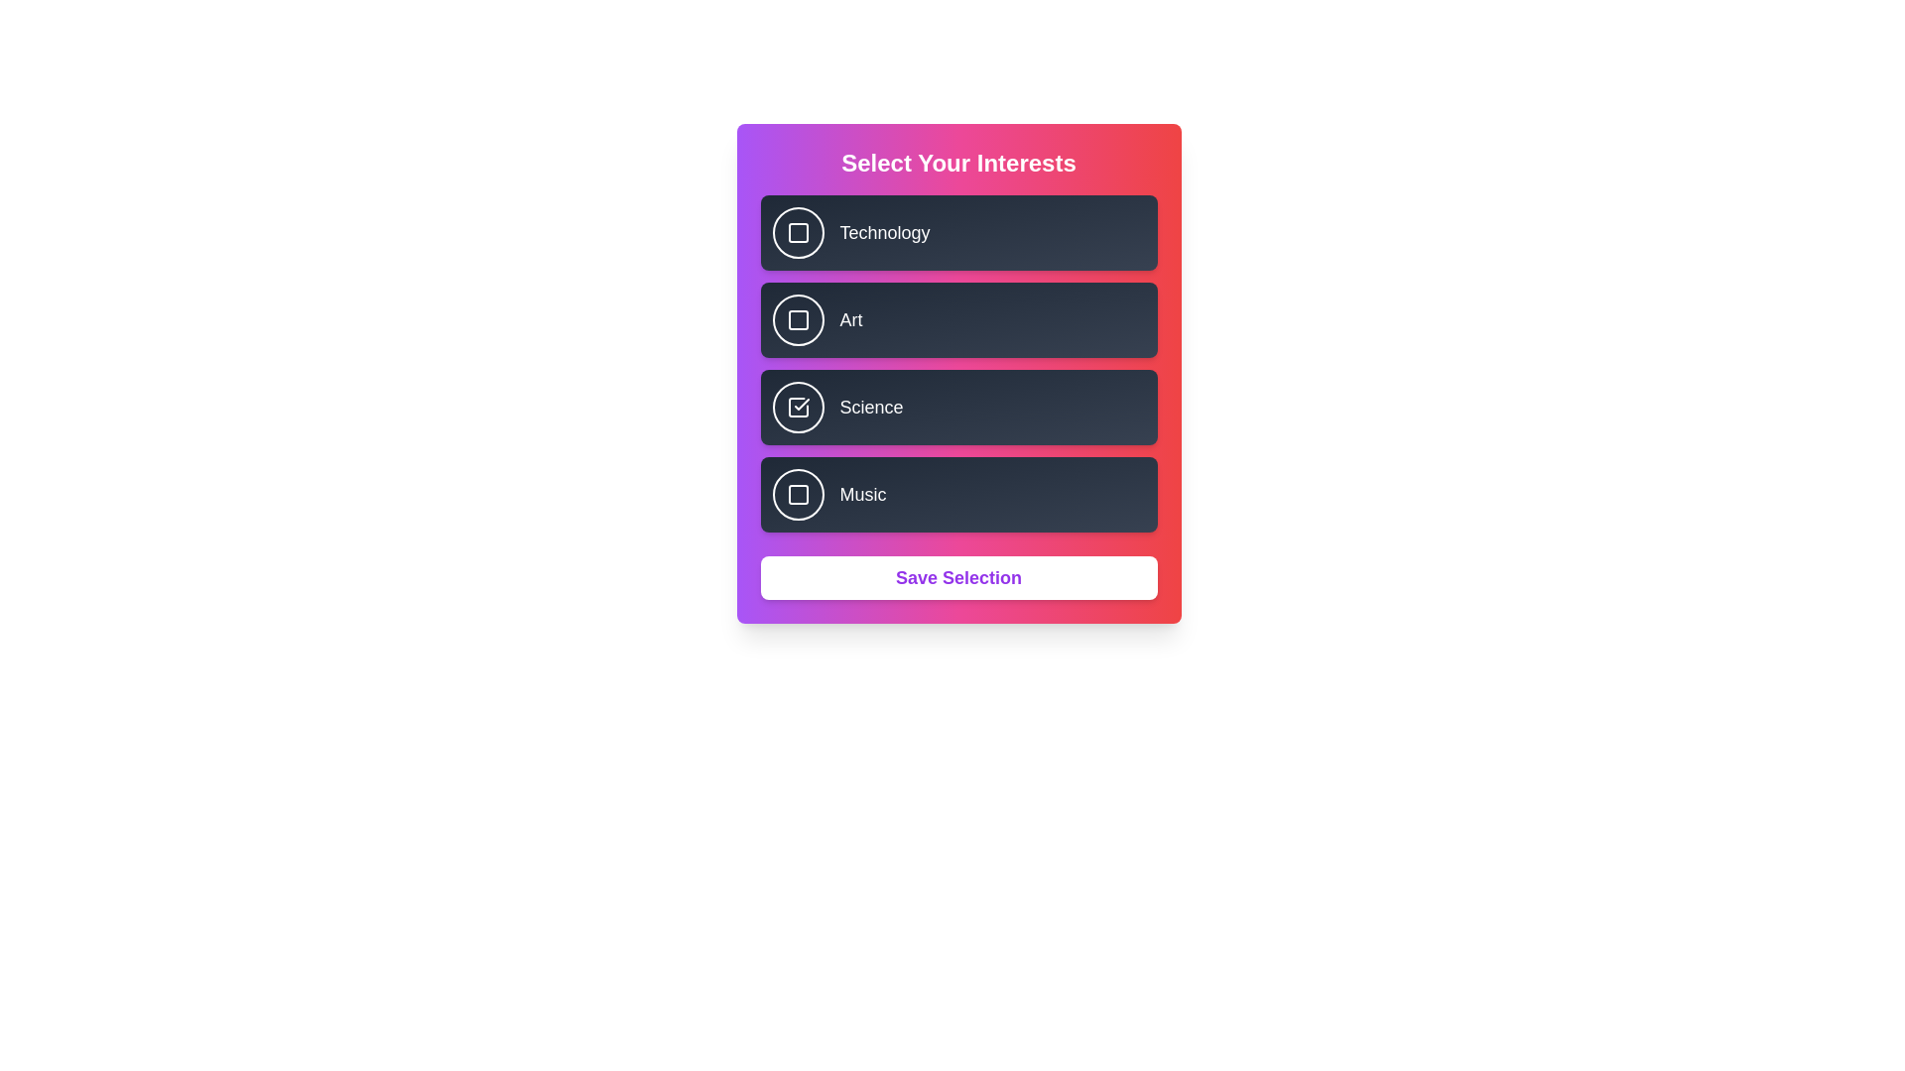  What do you see at coordinates (798, 493) in the screenshot?
I see `the interest Music` at bounding box center [798, 493].